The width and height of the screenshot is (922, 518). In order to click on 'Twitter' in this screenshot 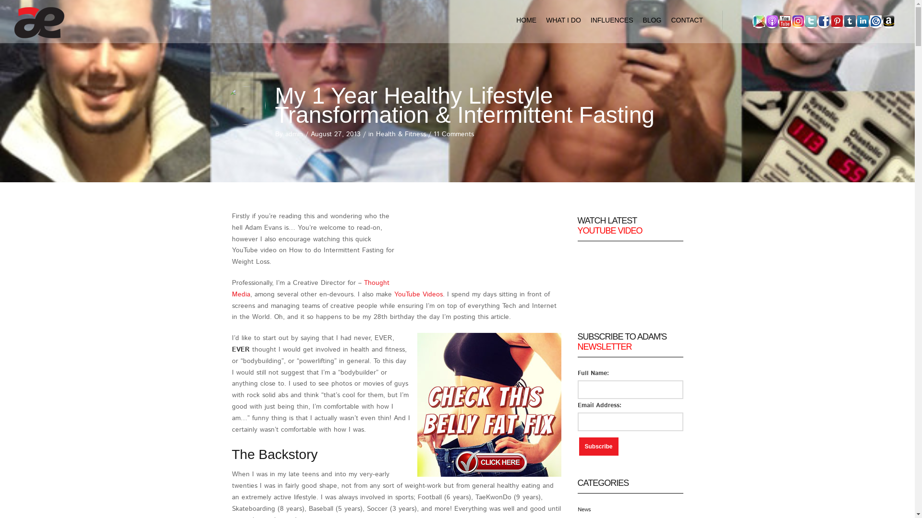, I will do `click(810, 22)`.